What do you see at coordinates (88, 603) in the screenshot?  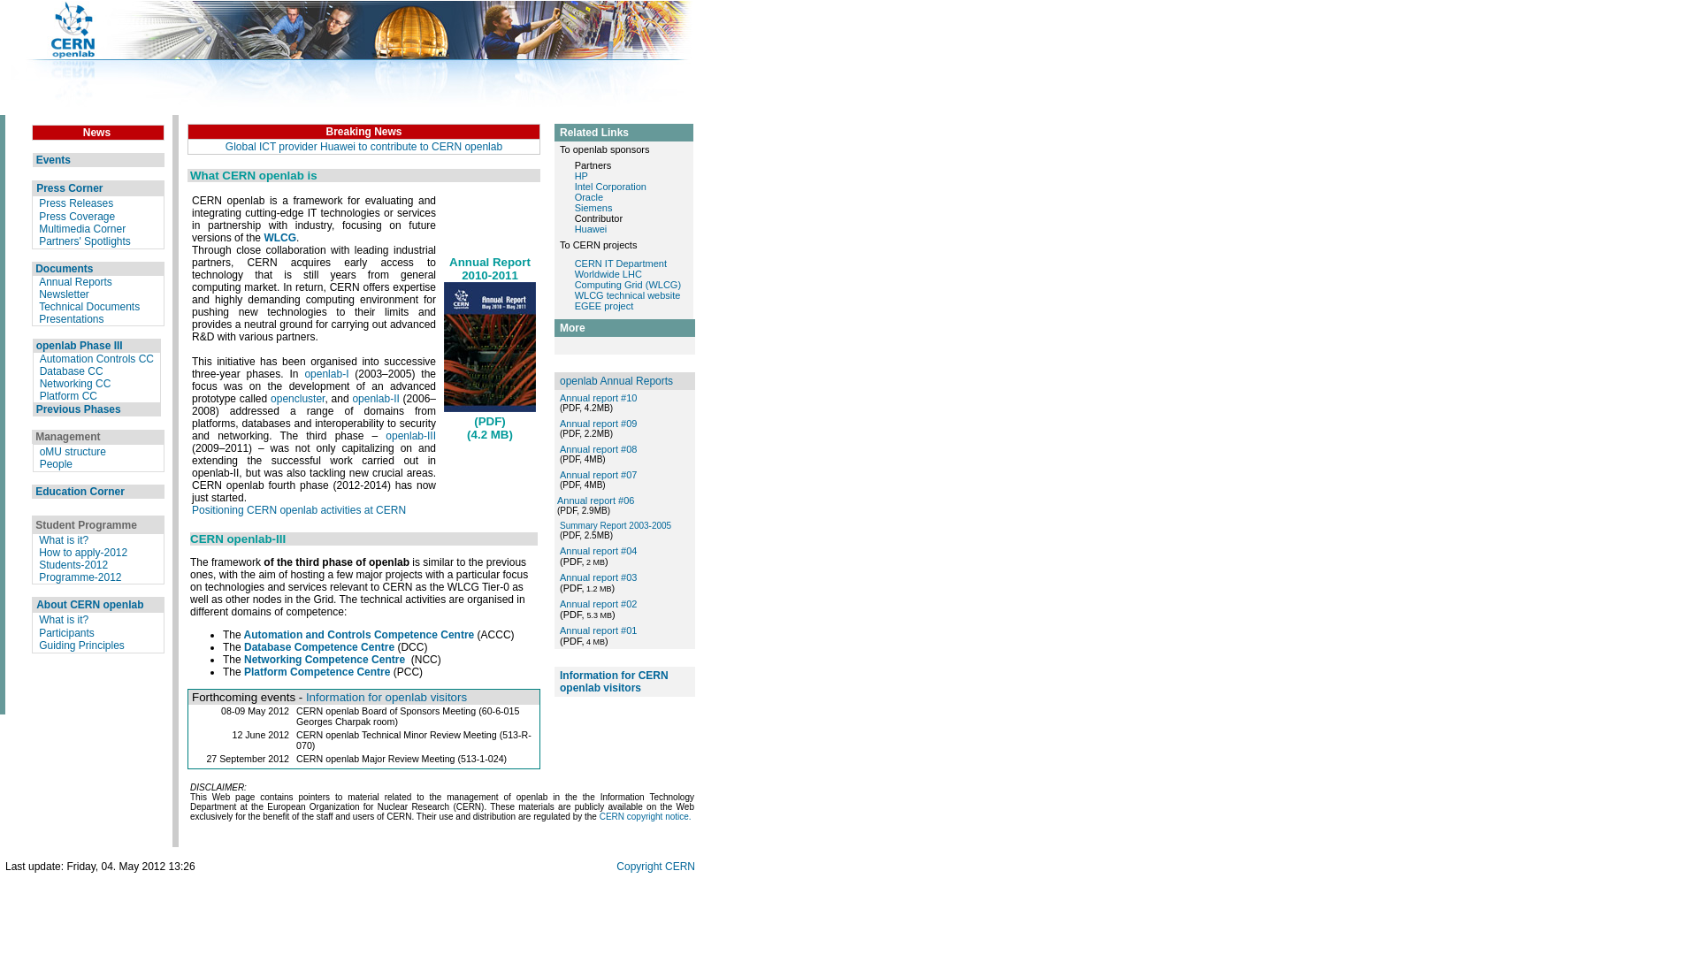 I see `'About CERN openlab'` at bounding box center [88, 603].